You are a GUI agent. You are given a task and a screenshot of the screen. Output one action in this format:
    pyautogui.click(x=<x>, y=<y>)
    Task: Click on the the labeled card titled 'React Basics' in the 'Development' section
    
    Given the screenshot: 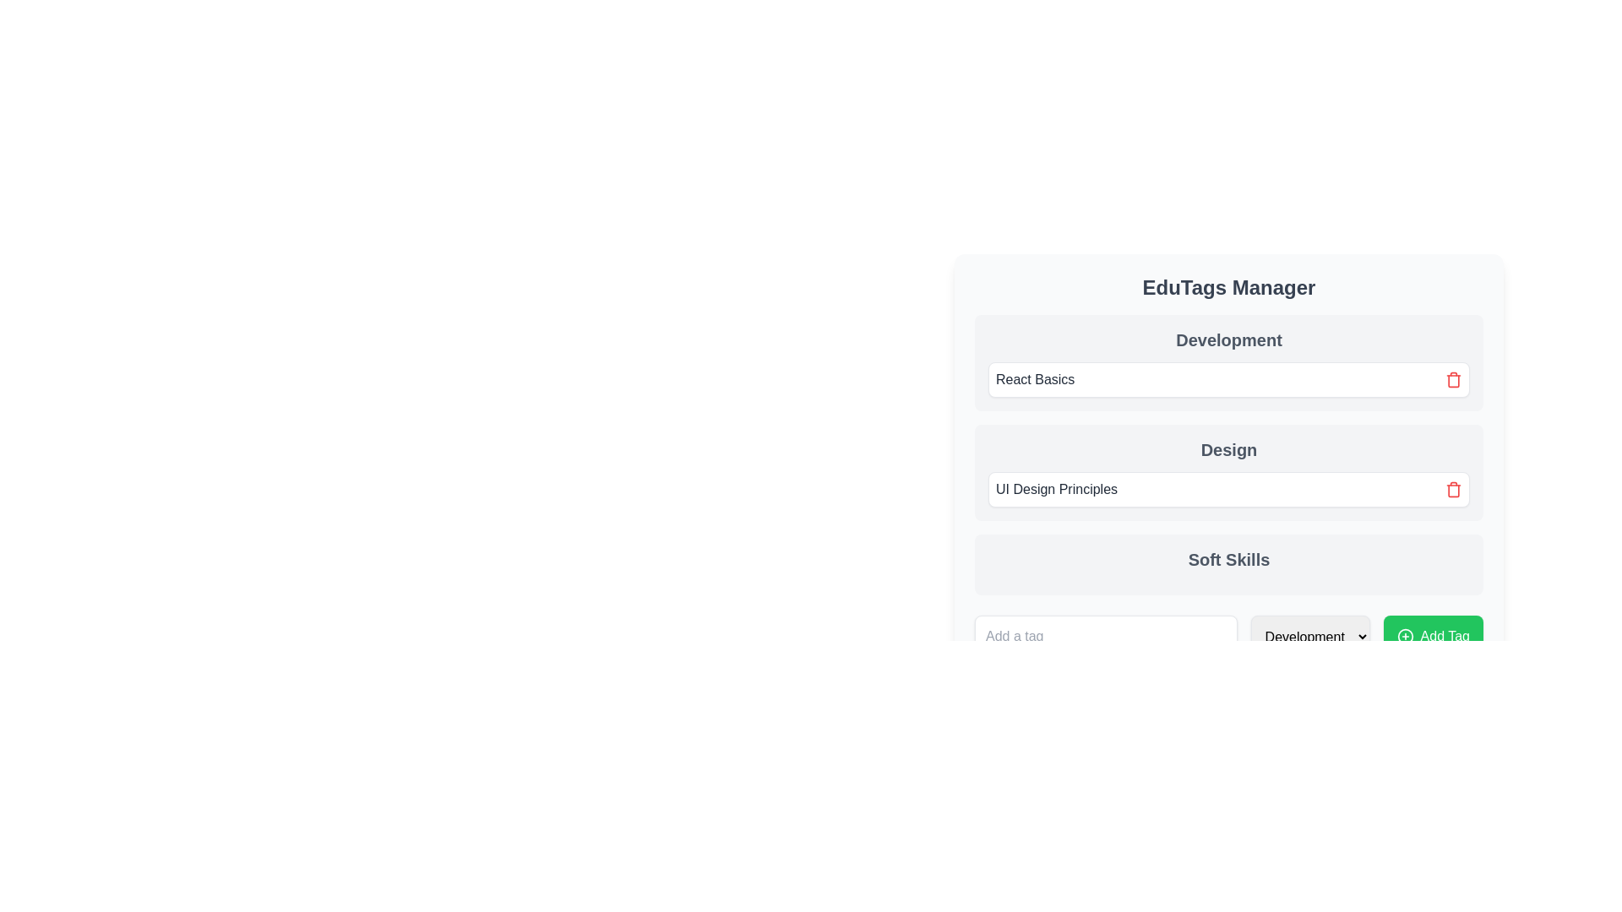 What is the action you would take?
    pyautogui.click(x=1228, y=380)
    